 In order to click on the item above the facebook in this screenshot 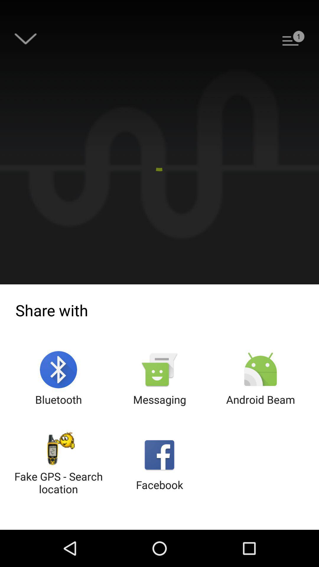, I will do `click(159, 379)`.